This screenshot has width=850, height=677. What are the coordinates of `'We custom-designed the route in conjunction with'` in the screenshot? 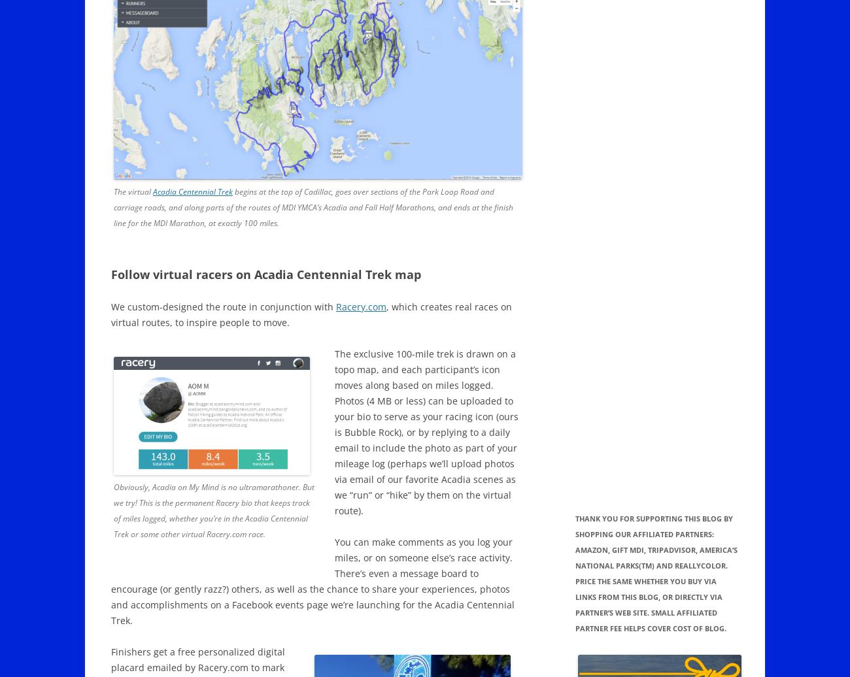 It's located at (111, 306).